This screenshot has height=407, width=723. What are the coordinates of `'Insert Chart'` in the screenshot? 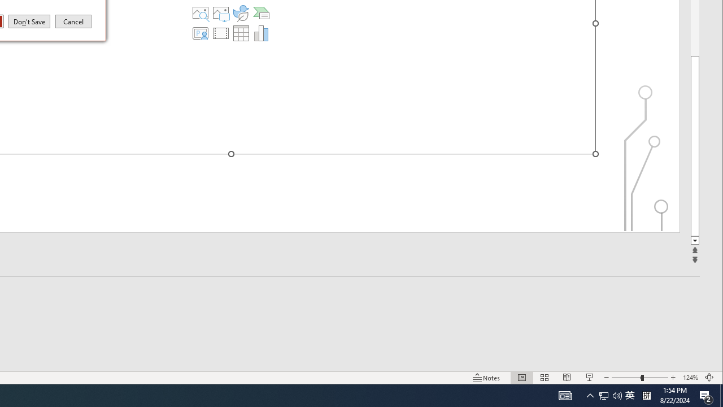 It's located at (260, 33).